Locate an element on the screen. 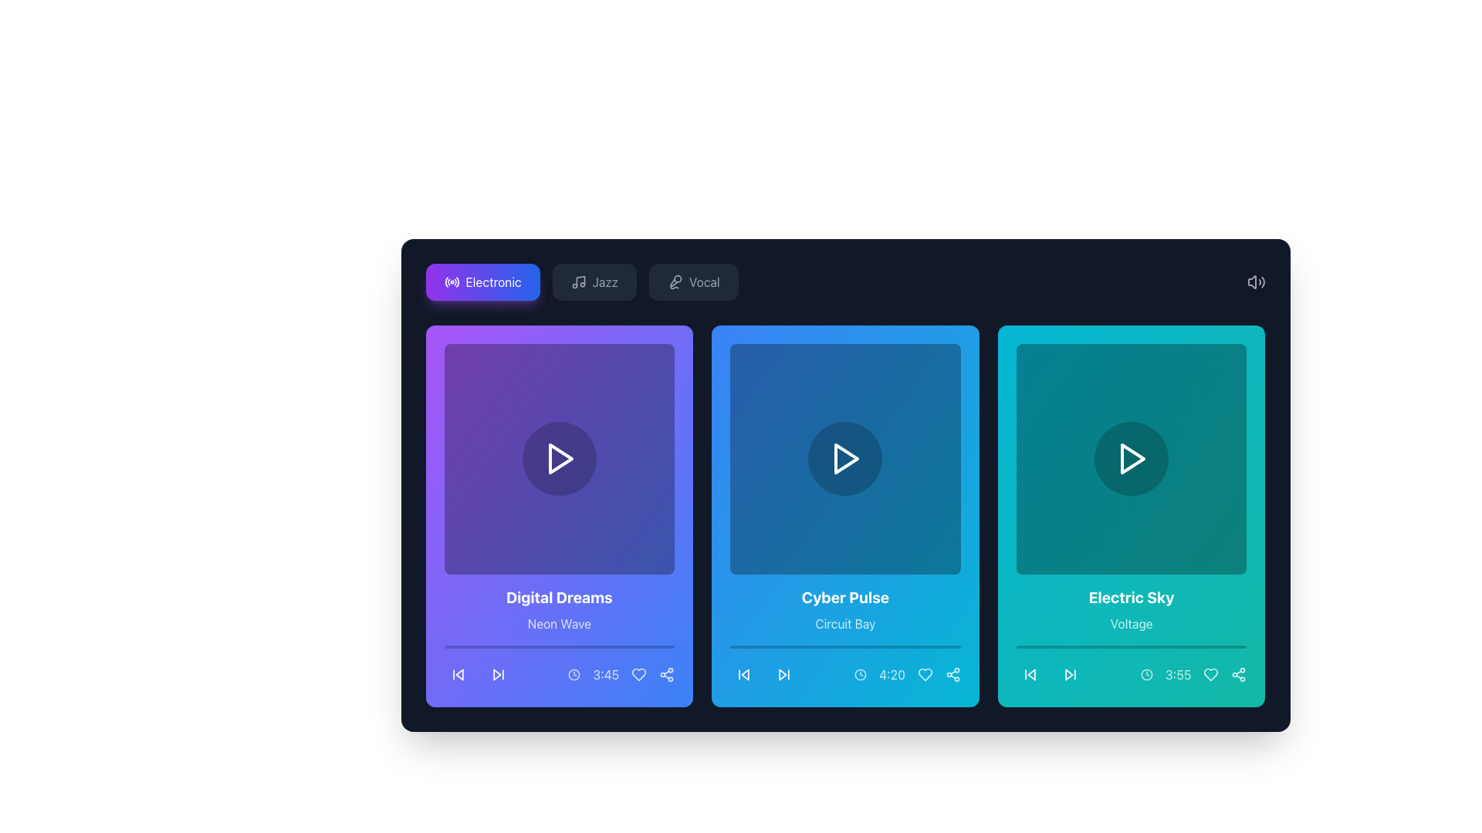  the circular play button with a semi-transparent dark background located in the central region of the 'Electric Sky' card is located at coordinates (1132, 458).